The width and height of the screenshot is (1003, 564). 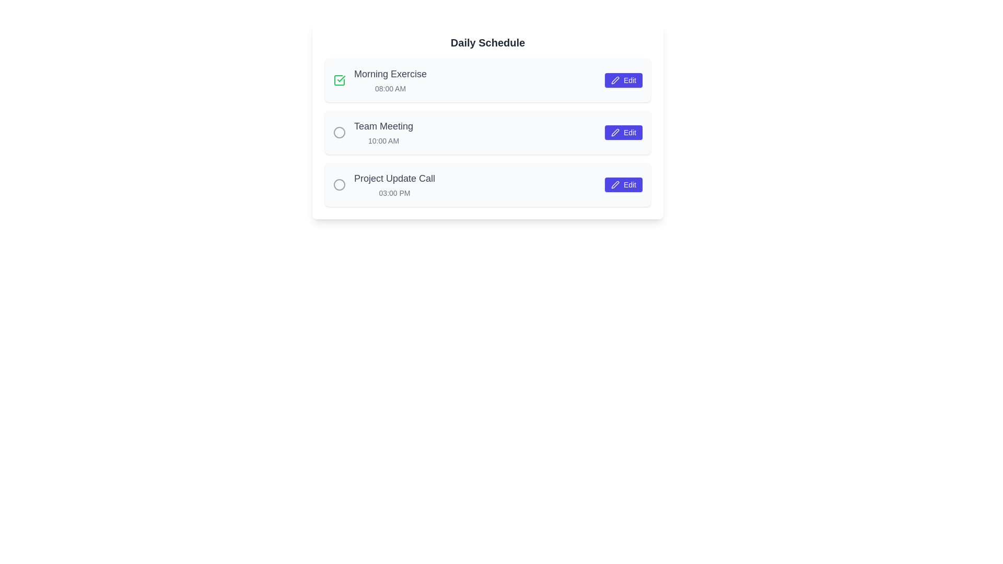 What do you see at coordinates (623, 132) in the screenshot?
I see `the edit button for the 'Team Meeting' event located at the right end of the section next to '10:00 AM'` at bounding box center [623, 132].